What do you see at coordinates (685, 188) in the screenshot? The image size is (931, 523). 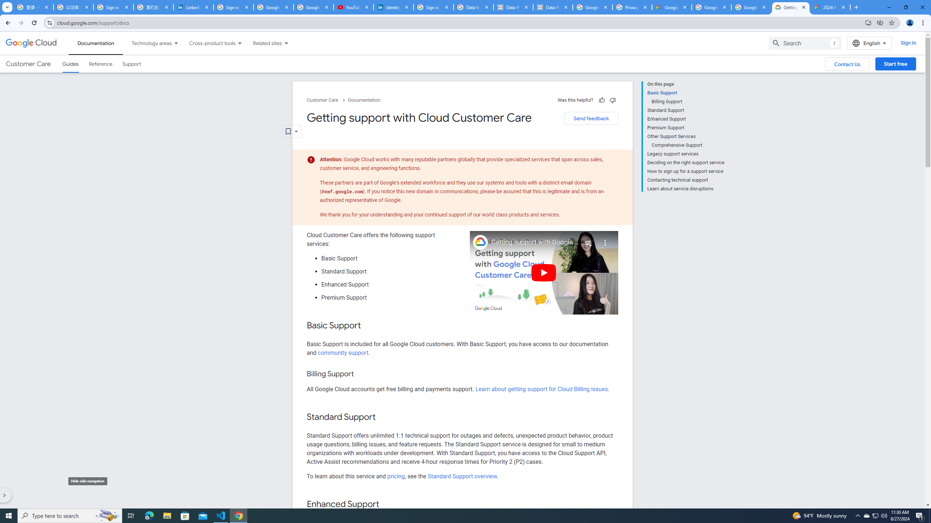 I see `'Learn about service disruptions'` at bounding box center [685, 188].